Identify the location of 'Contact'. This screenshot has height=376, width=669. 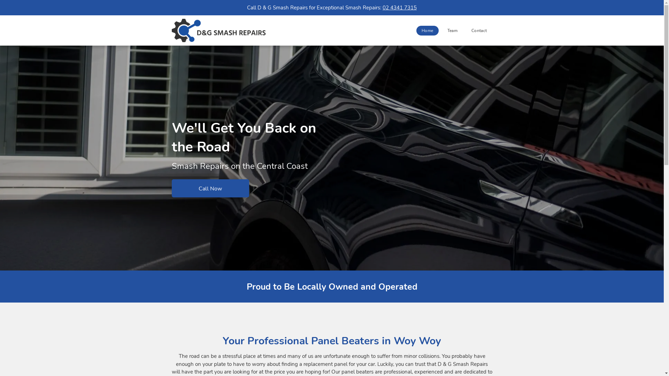
(479, 30).